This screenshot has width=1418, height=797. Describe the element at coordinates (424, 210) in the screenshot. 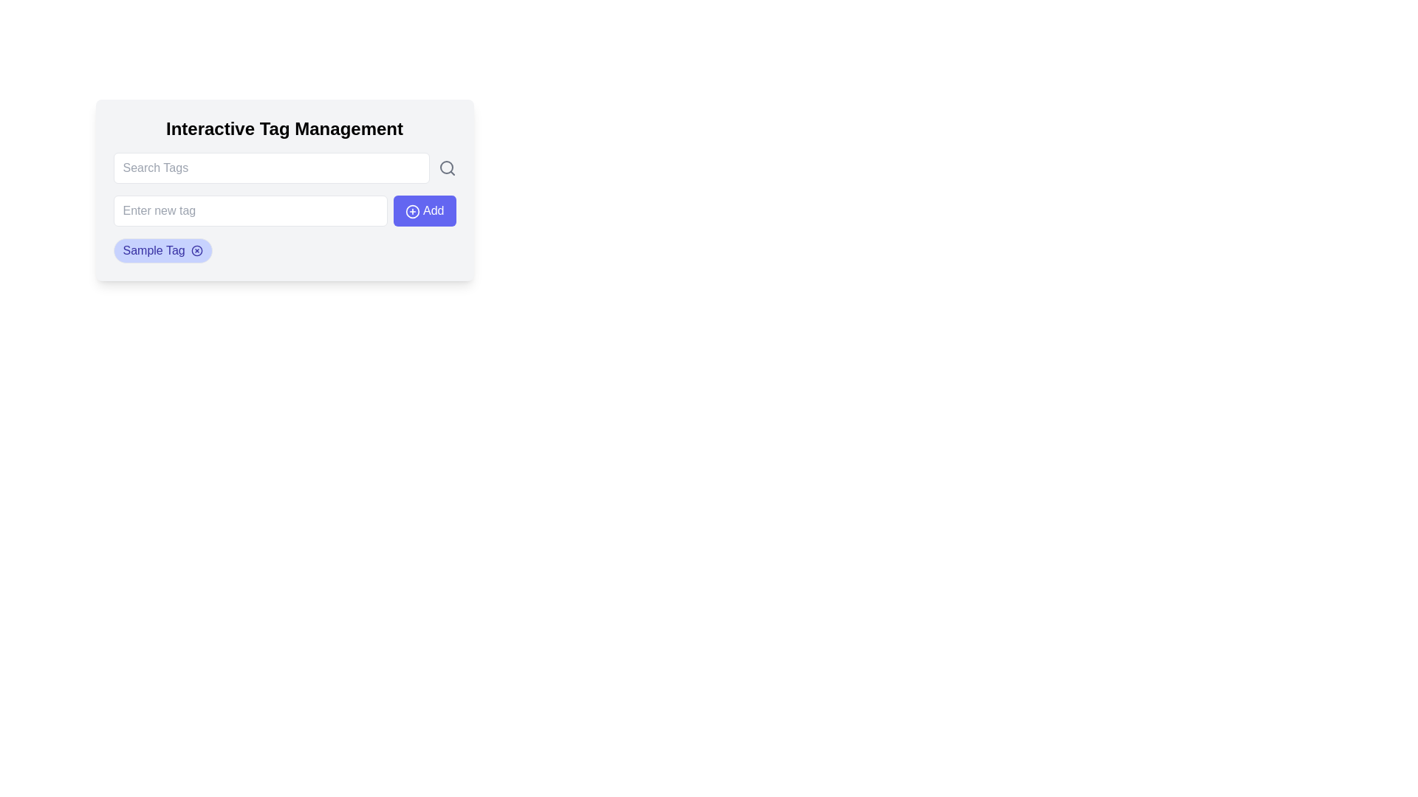

I see `the 'Add' button, which is a rectangular button with rounded corners, vibrant indigo background, and white text, located to the right of the 'Enter new tag' input field` at that location.